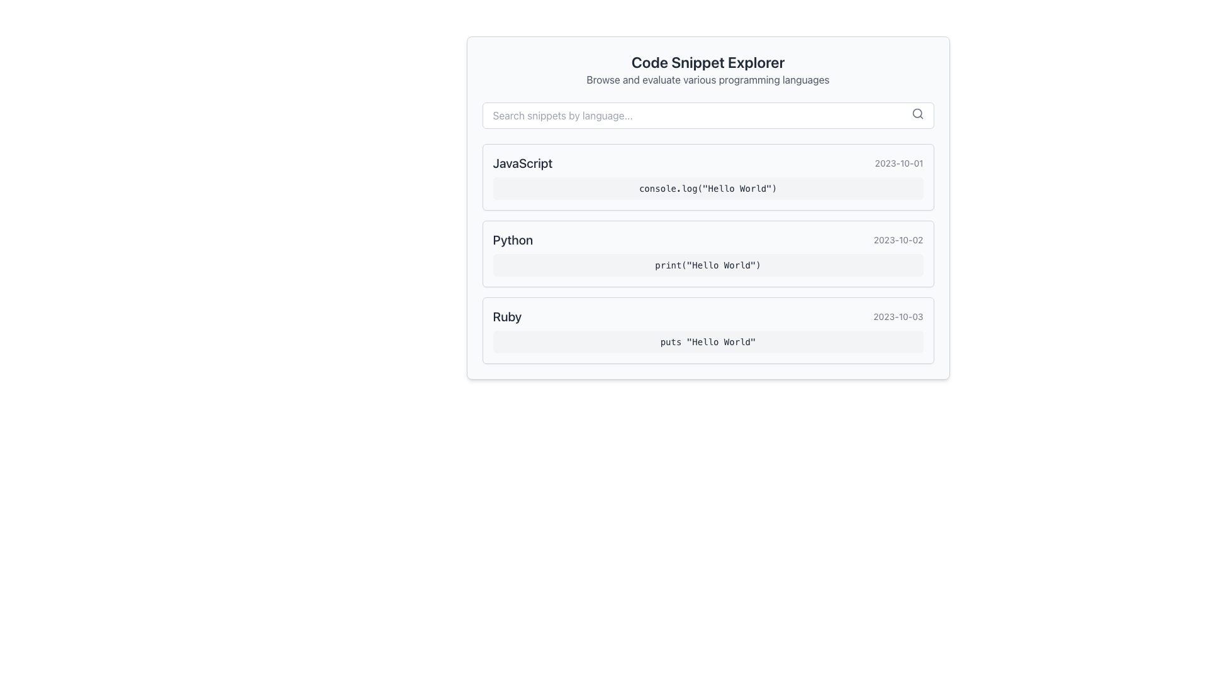 This screenshot has width=1208, height=679. Describe the element at coordinates (708, 116) in the screenshot. I see `the search input field located below the title 'Code Snippet Explorer' to focus on it for entering queries` at that location.